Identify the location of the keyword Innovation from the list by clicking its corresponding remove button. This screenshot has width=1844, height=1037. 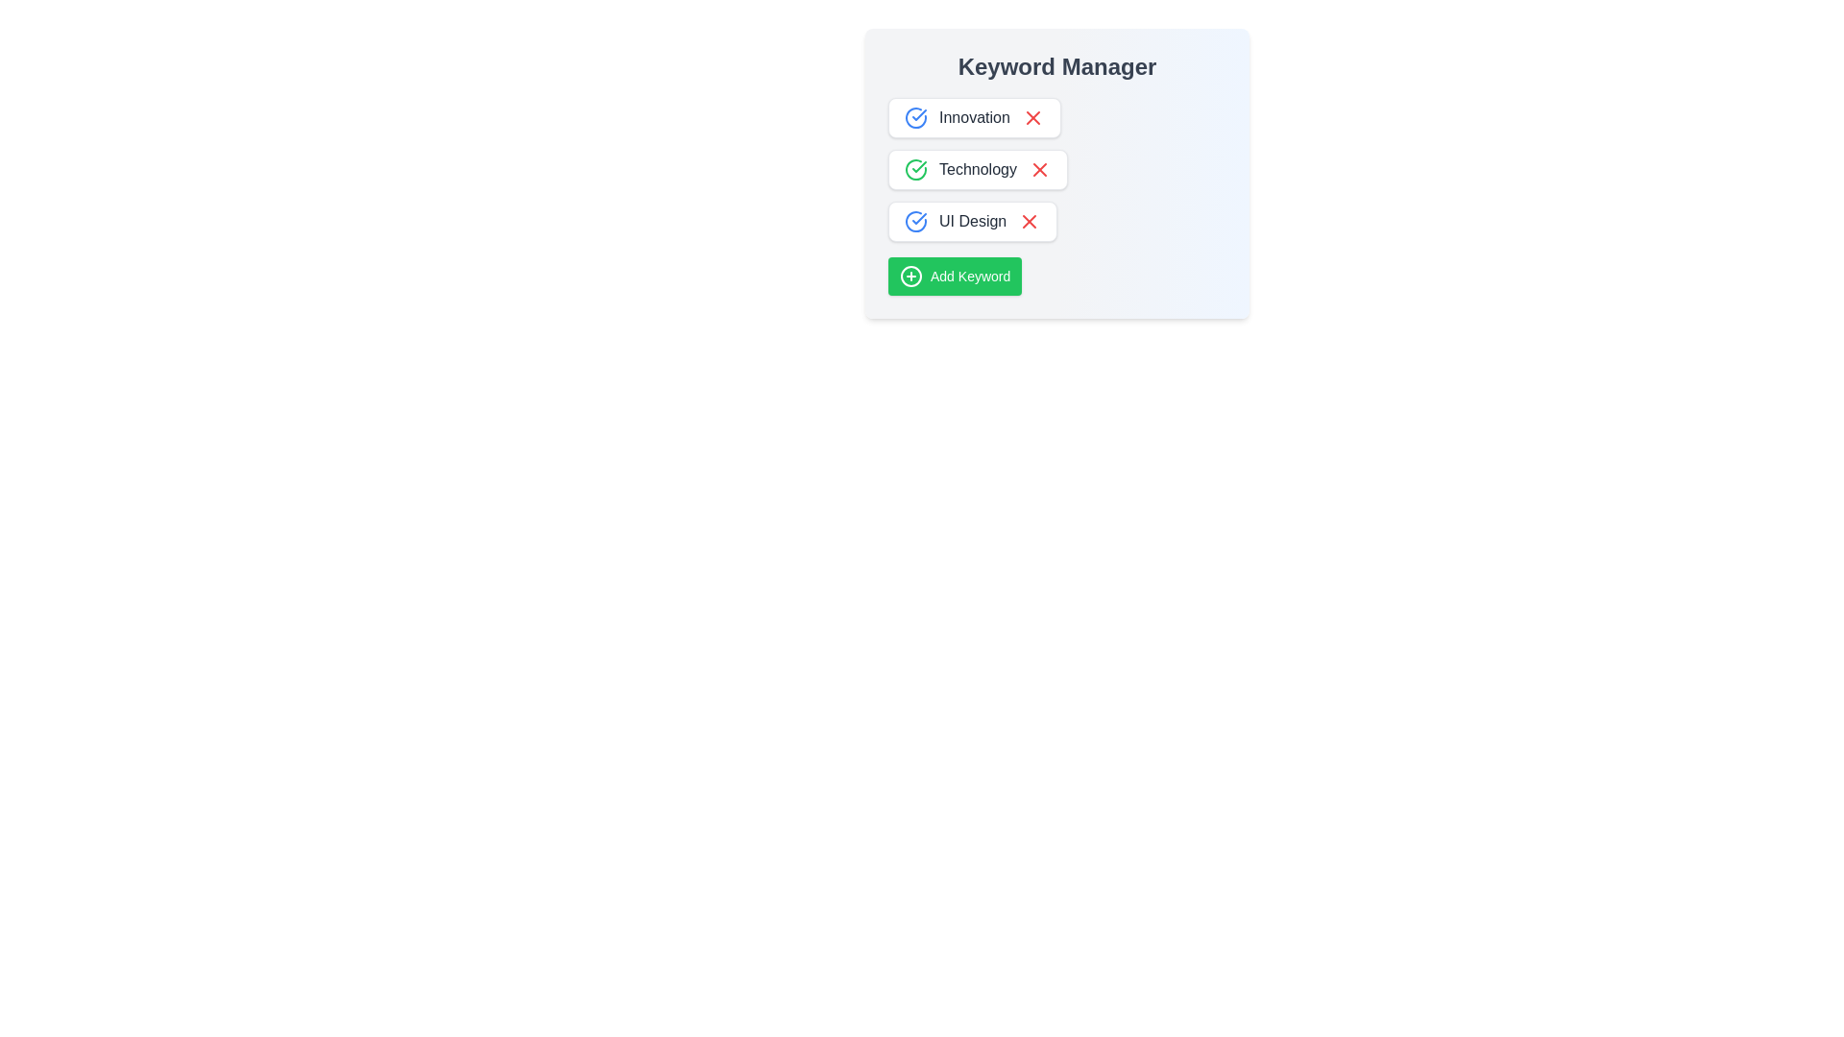
(1031, 118).